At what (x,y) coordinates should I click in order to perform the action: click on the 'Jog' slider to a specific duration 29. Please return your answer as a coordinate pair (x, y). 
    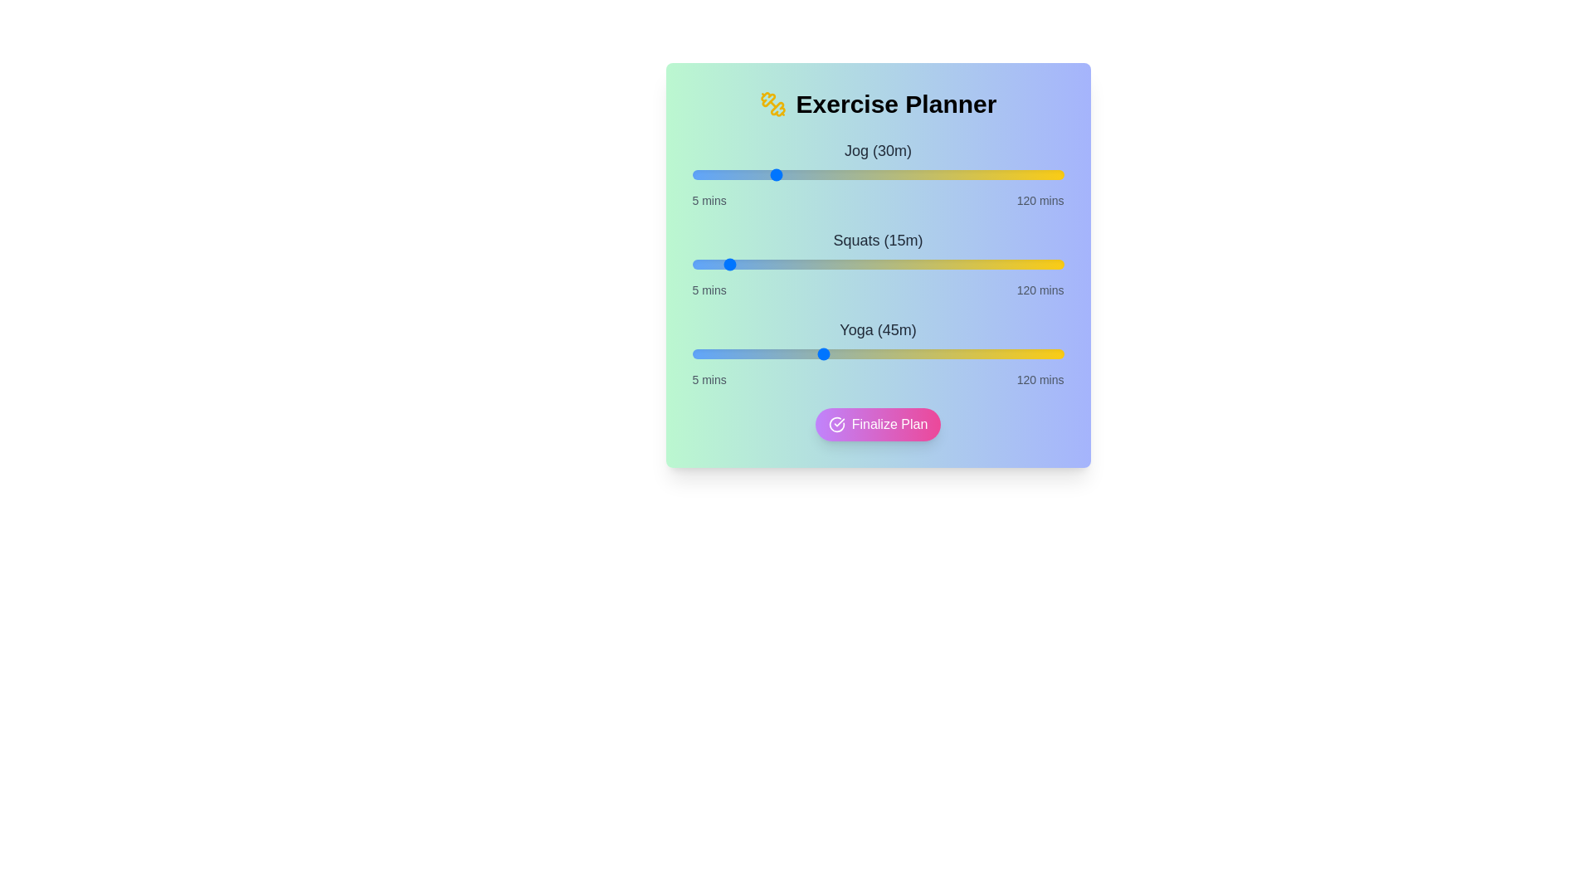
    Looking at the image, I should click on (768, 175).